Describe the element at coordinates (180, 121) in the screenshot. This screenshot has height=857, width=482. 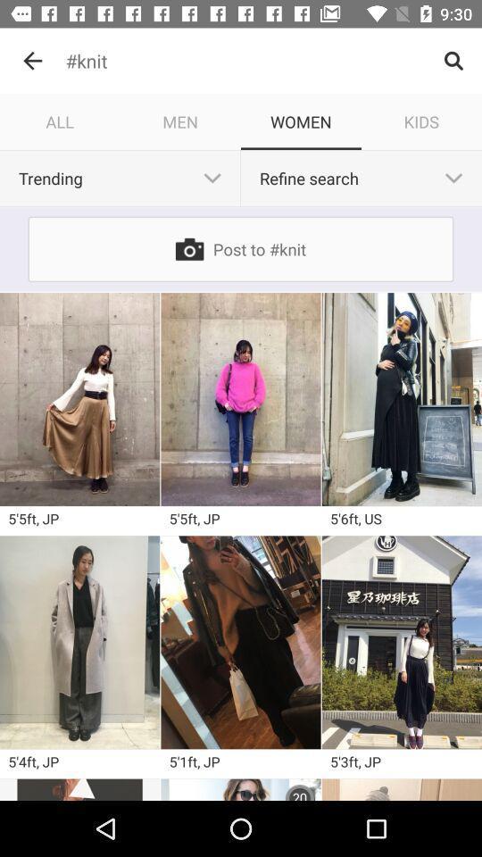
I see `icon to the right of all icon` at that location.